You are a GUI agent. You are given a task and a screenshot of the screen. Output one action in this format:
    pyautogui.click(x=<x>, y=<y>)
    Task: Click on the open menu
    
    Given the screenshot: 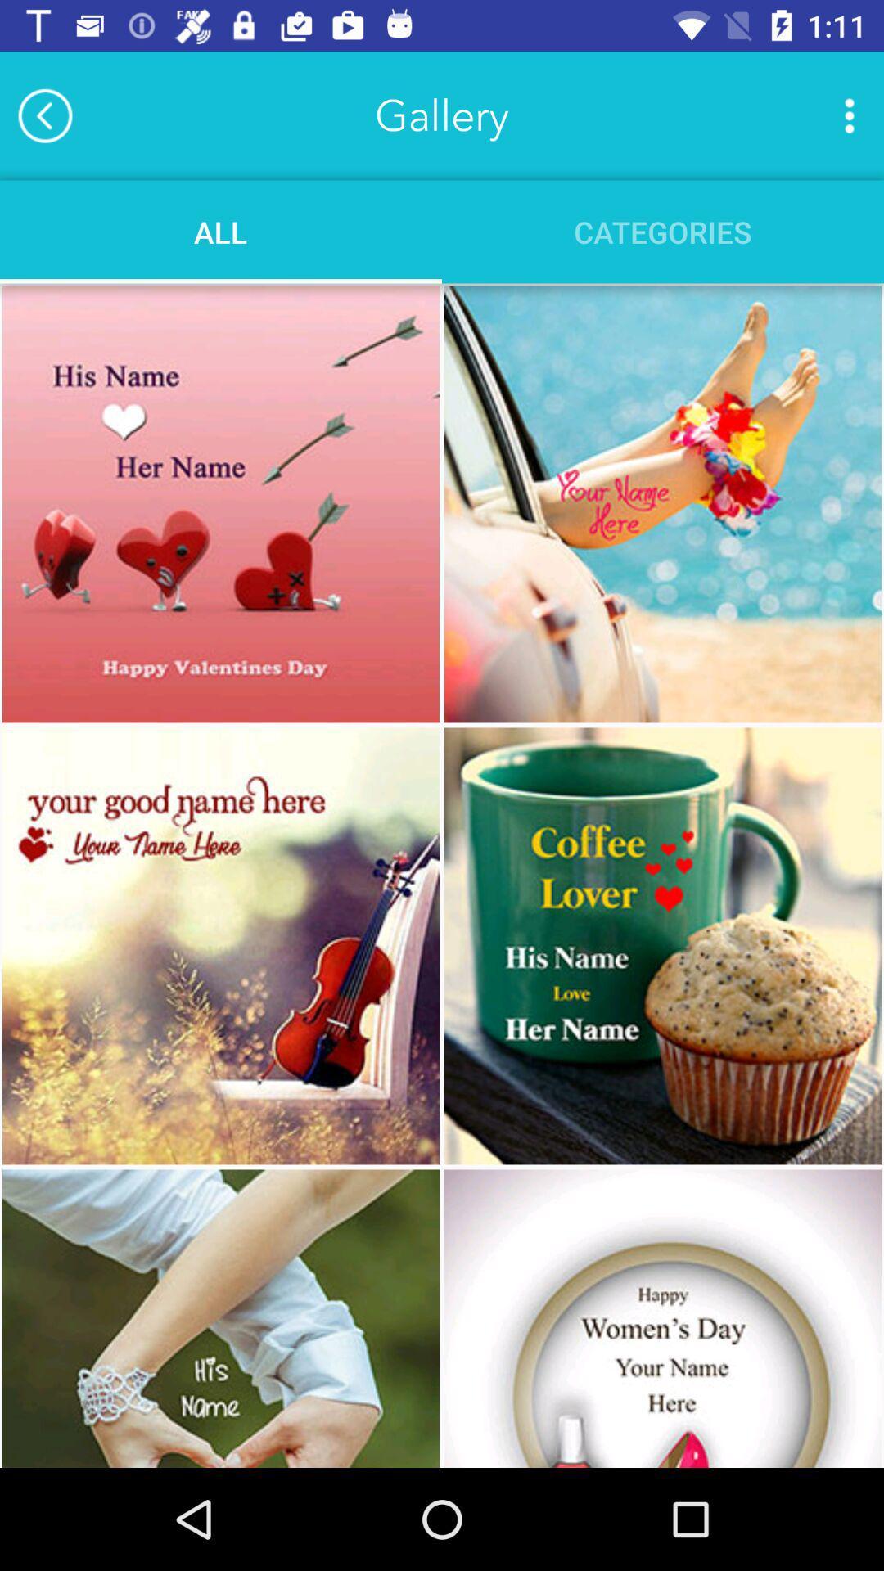 What is the action you would take?
    pyautogui.click(x=848, y=115)
    